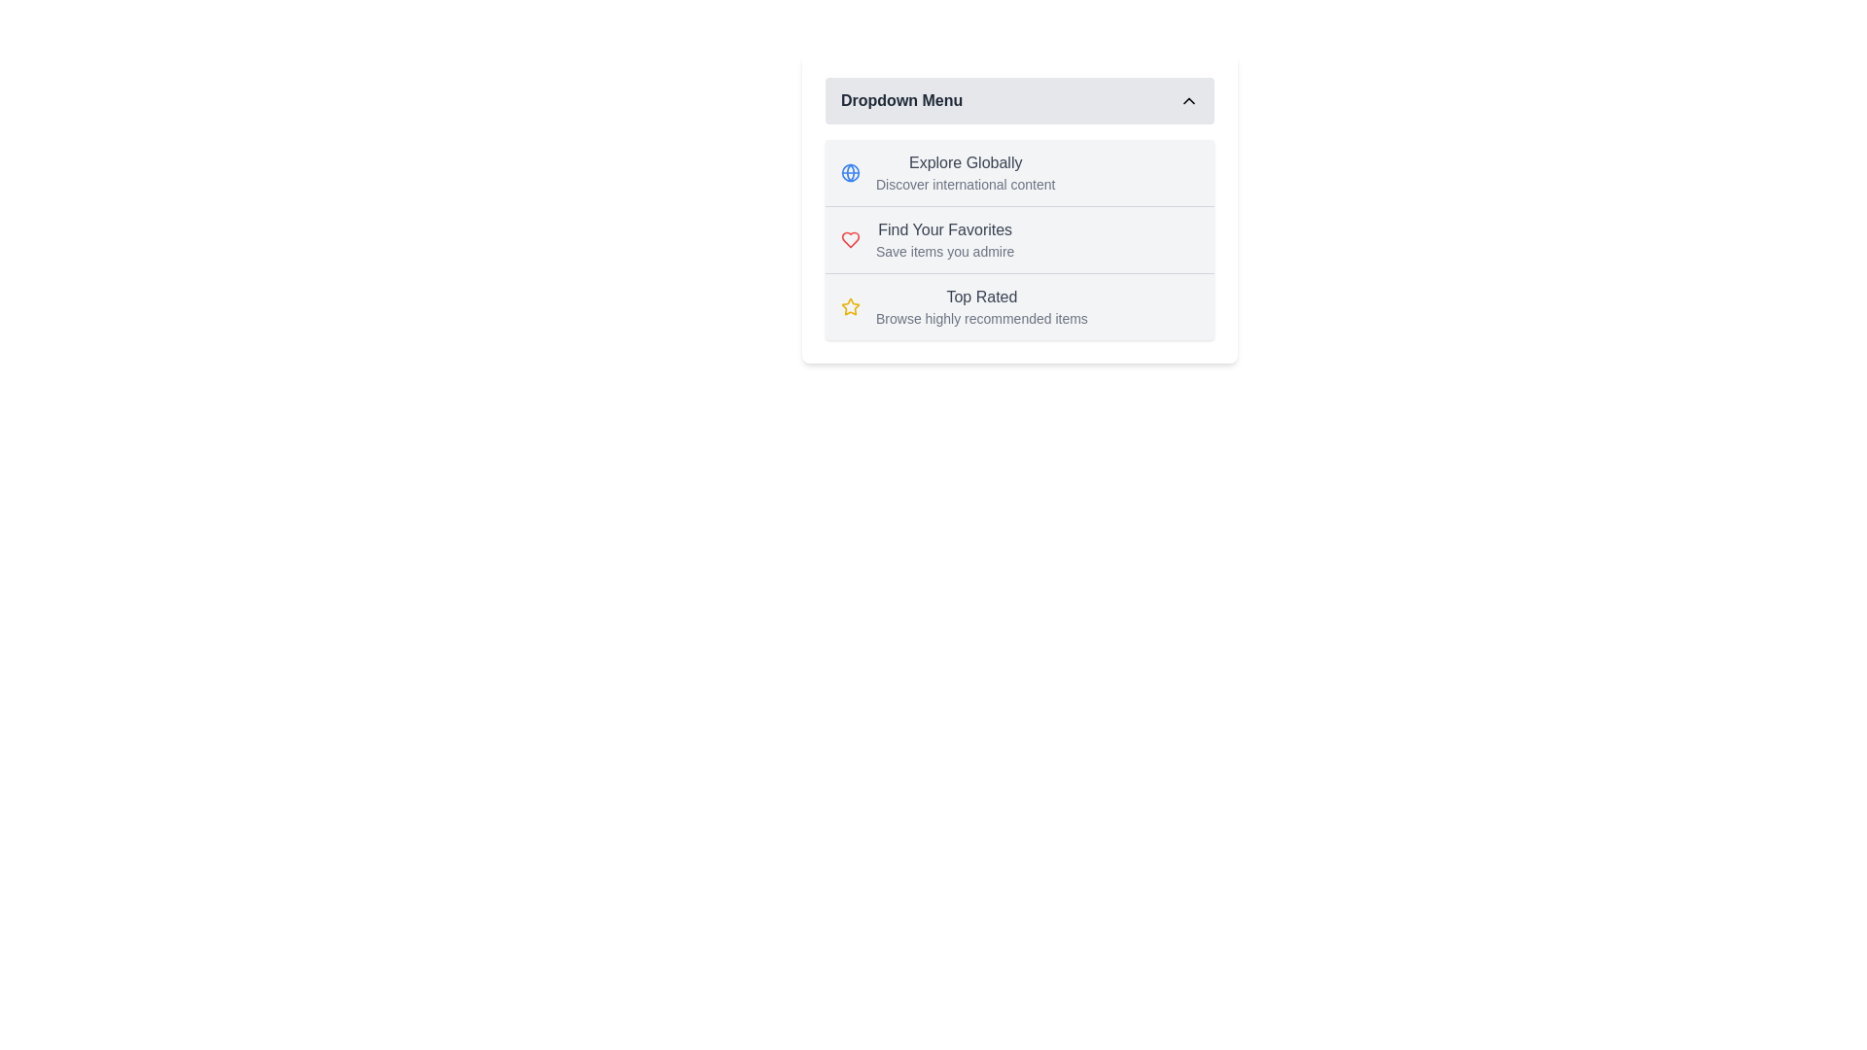 The image size is (1867, 1050). What do you see at coordinates (850, 171) in the screenshot?
I see `the SVG circle element that is part of the globe icon for the 'Explore Globally' menu option, which is the first entry in a dropdown menu` at bounding box center [850, 171].